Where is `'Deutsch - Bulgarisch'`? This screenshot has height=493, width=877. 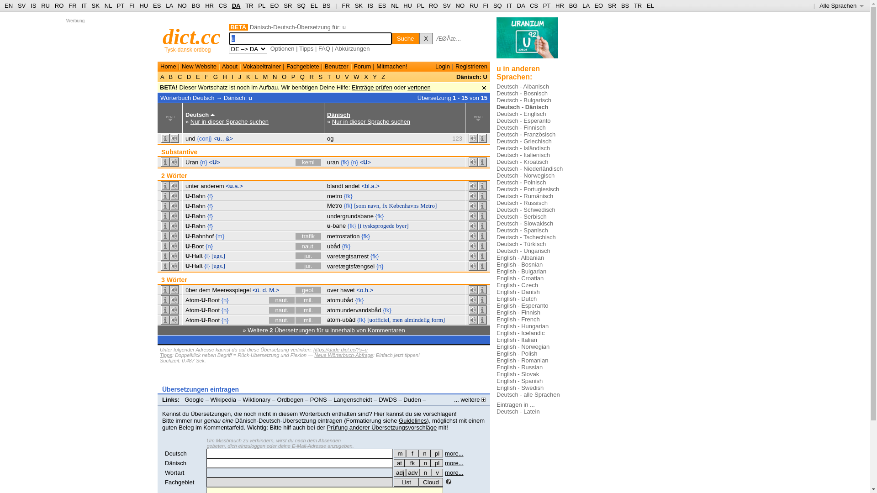 'Deutsch - Bulgarisch' is located at coordinates (496, 100).